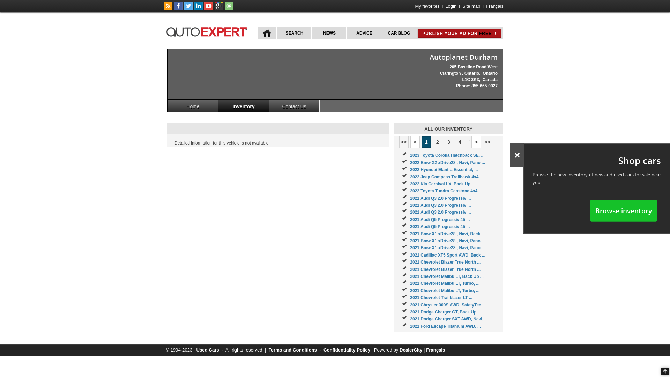 Image resolution: width=670 pixels, height=377 pixels. Describe the element at coordinates (444, 170) in the screenshot. I see `'2022 Hyundai Elantra Essential, ...'` at that location.